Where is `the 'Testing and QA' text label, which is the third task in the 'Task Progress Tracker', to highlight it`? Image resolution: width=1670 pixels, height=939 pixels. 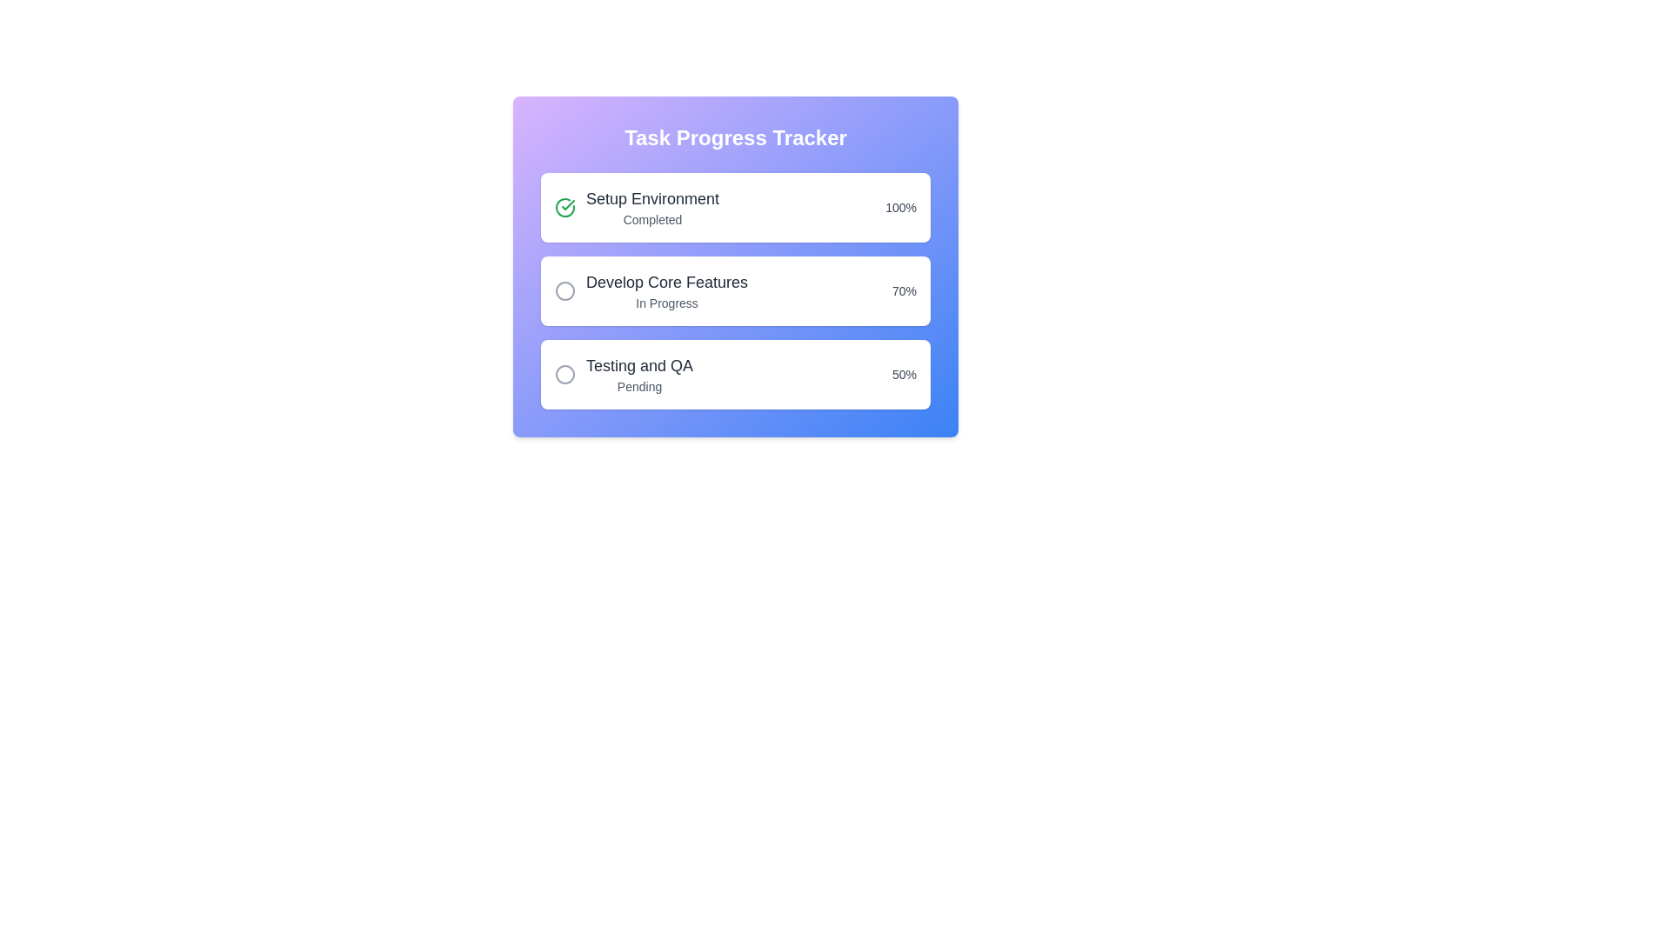 the 'Testing and QA' text label, which is the third task in the 'Task Progress Tracker', to highlight it is located at coordinates (638, 374).